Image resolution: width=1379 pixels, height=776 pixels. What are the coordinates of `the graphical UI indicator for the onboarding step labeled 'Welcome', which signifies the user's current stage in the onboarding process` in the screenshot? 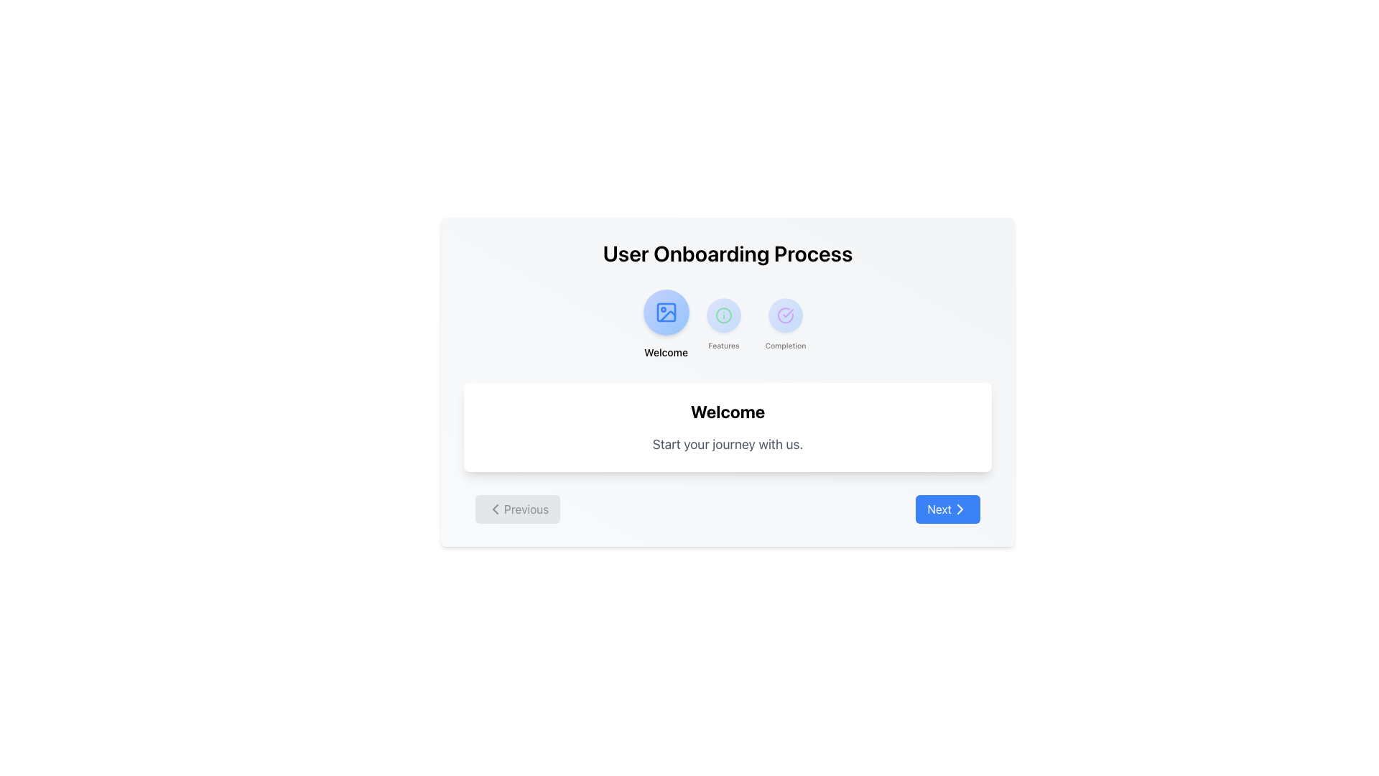 It's located at (665, 312).